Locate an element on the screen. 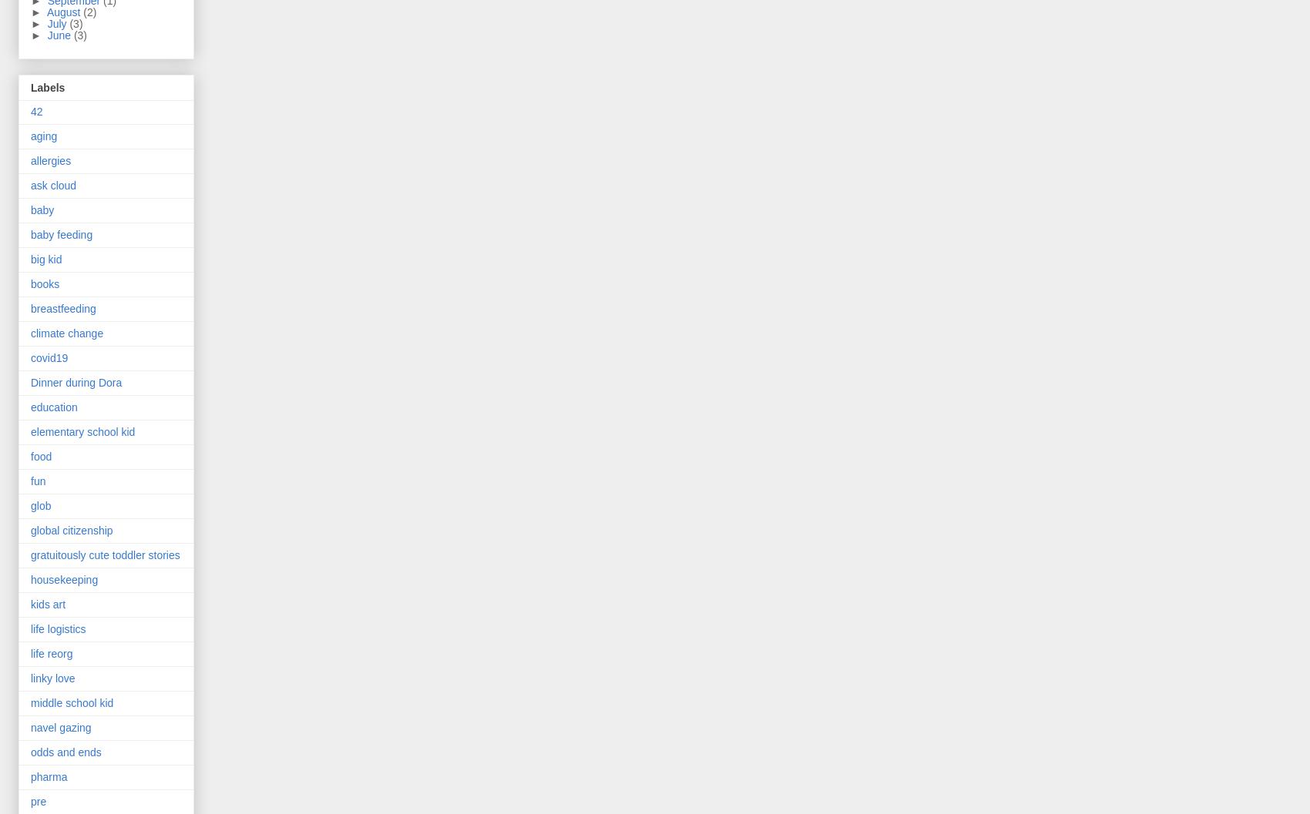 The height and width of the screenshot is (814, 1310). 'baby feeding' is located at coordinates (30, 235).